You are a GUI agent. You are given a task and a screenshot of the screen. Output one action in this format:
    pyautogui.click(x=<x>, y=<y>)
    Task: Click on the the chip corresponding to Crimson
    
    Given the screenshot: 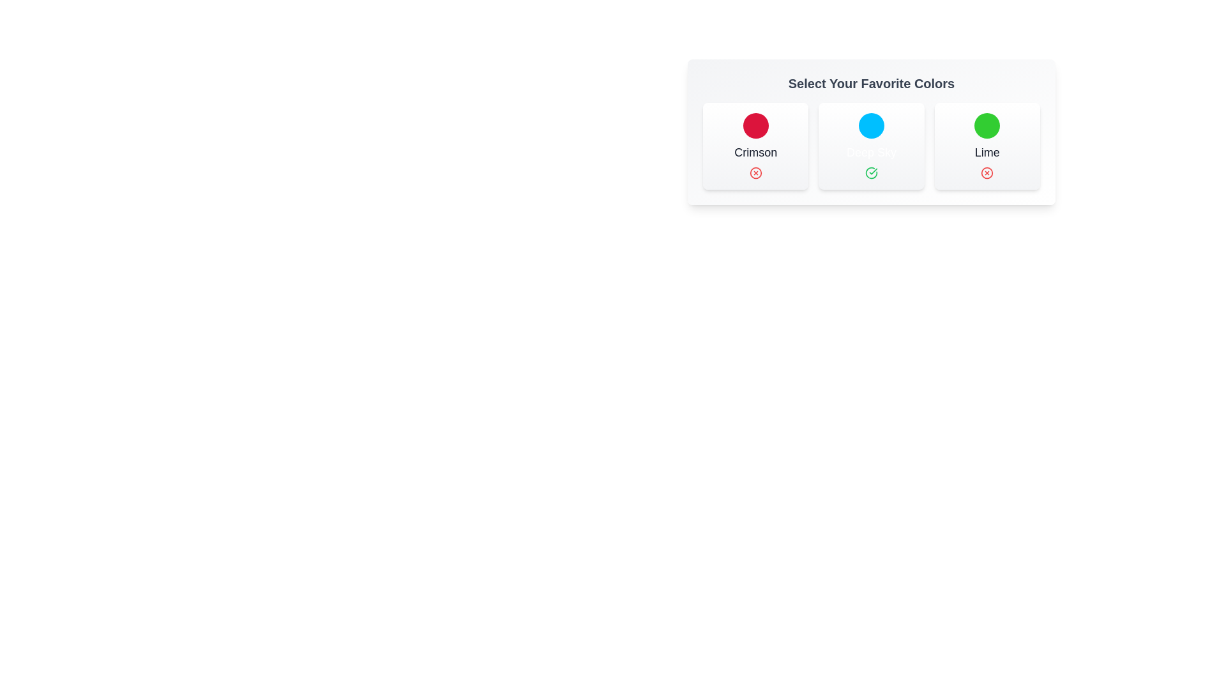 What is the action you would take?
    pyautogui.click(x=755, y=145)
    